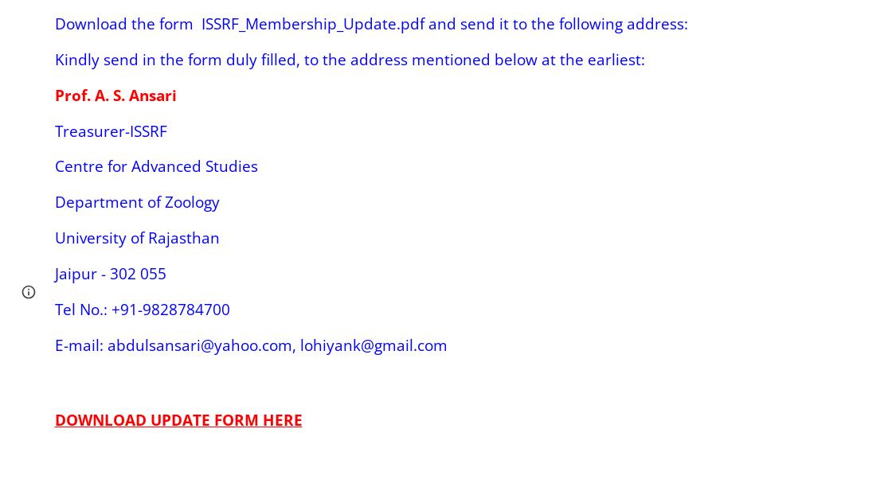 The width and height of the screenshot is (876, 491). What do you see at coordinates (178, 419) in the screenshot?
I see `'DOWNLOAD UPDATE FORM HERE'` at bounding box center [178, 419].